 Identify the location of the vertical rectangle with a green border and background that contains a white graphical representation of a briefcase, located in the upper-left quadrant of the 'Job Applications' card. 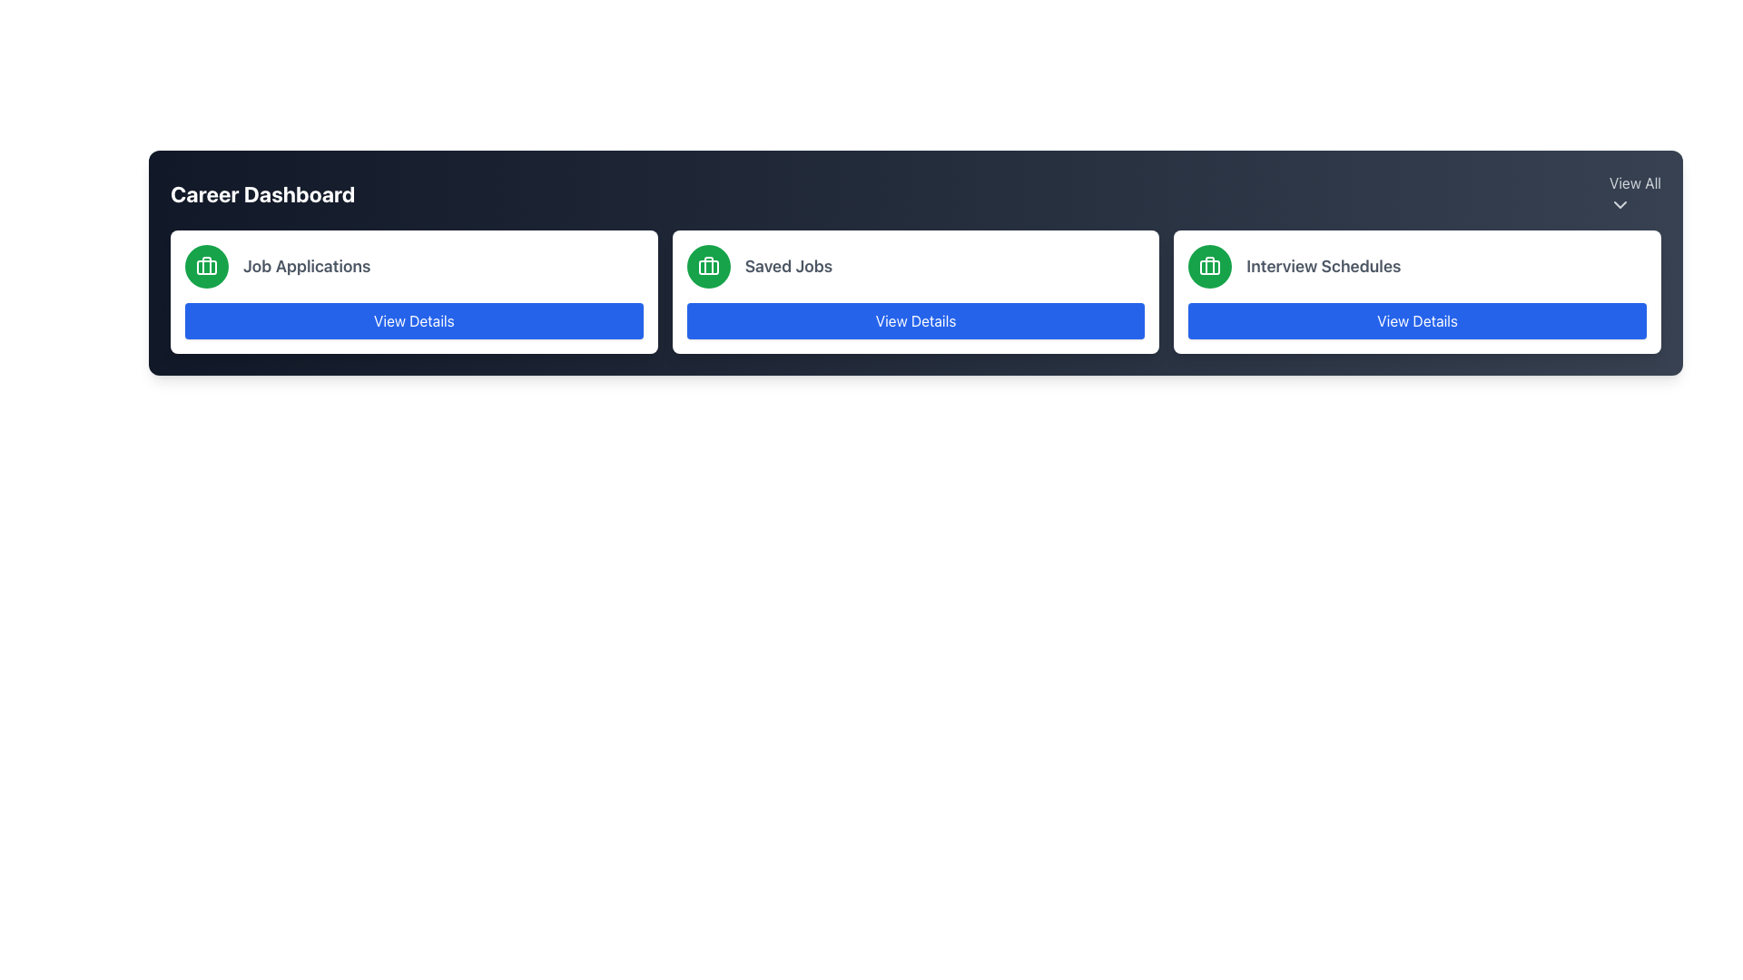
(206, 266).